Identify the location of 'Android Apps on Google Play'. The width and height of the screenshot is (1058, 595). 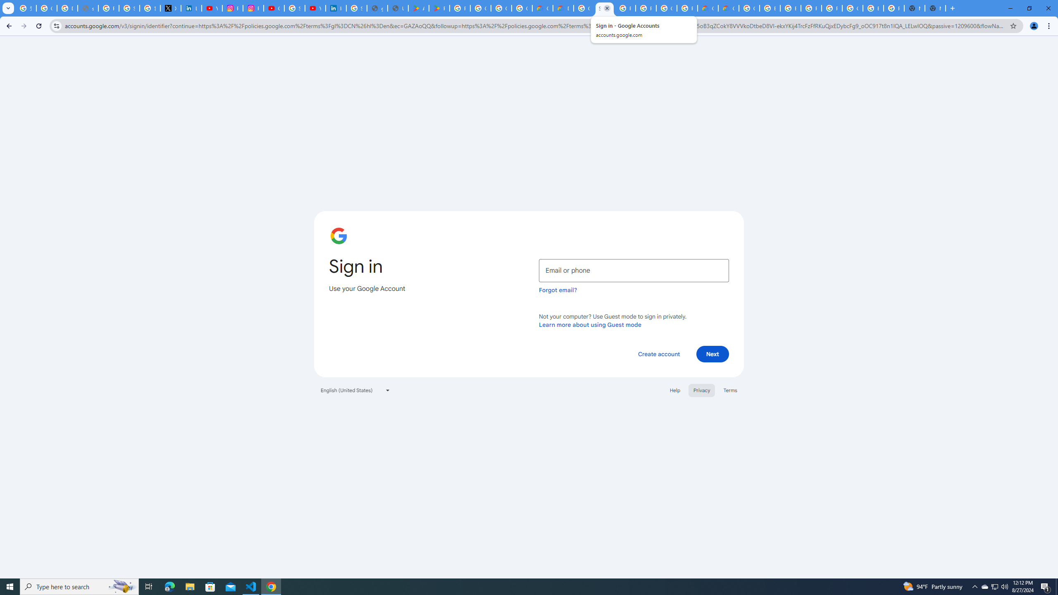
(418, 8).